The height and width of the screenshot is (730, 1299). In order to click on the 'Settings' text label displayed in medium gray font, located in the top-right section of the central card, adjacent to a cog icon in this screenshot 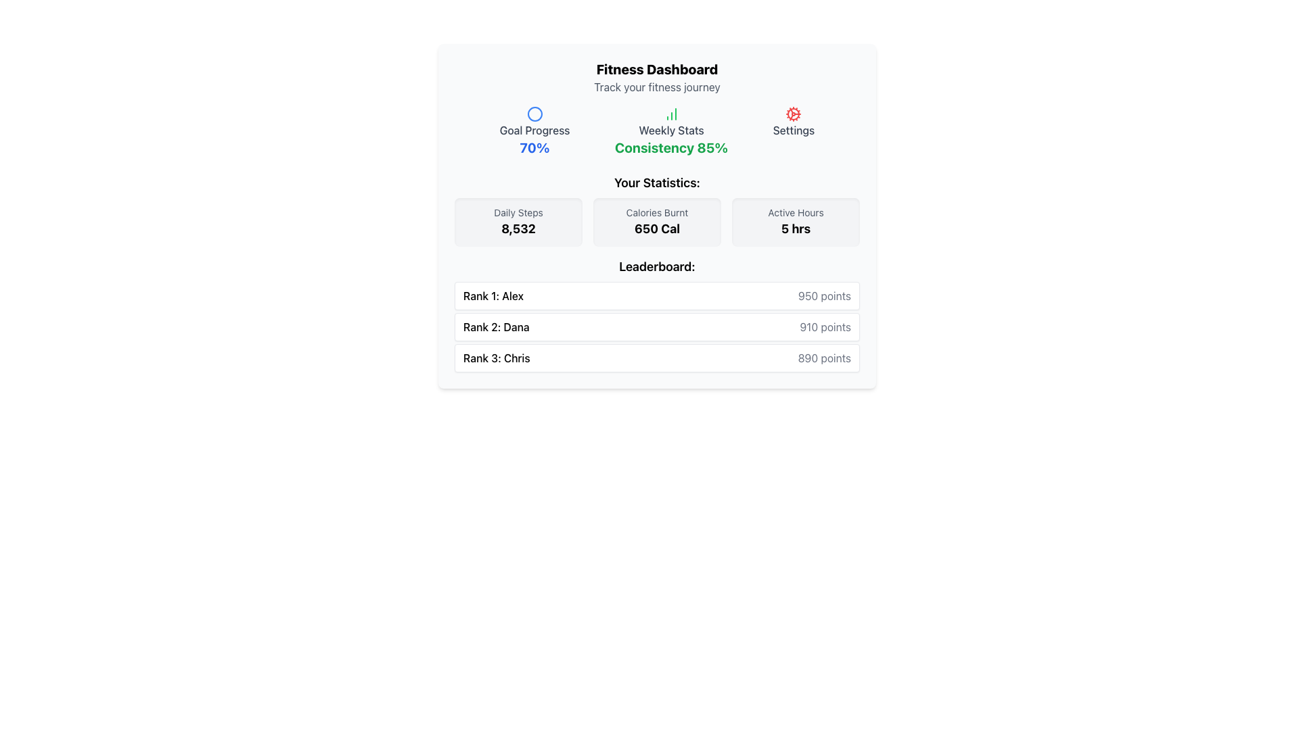, I will do `click(794, 130)`.